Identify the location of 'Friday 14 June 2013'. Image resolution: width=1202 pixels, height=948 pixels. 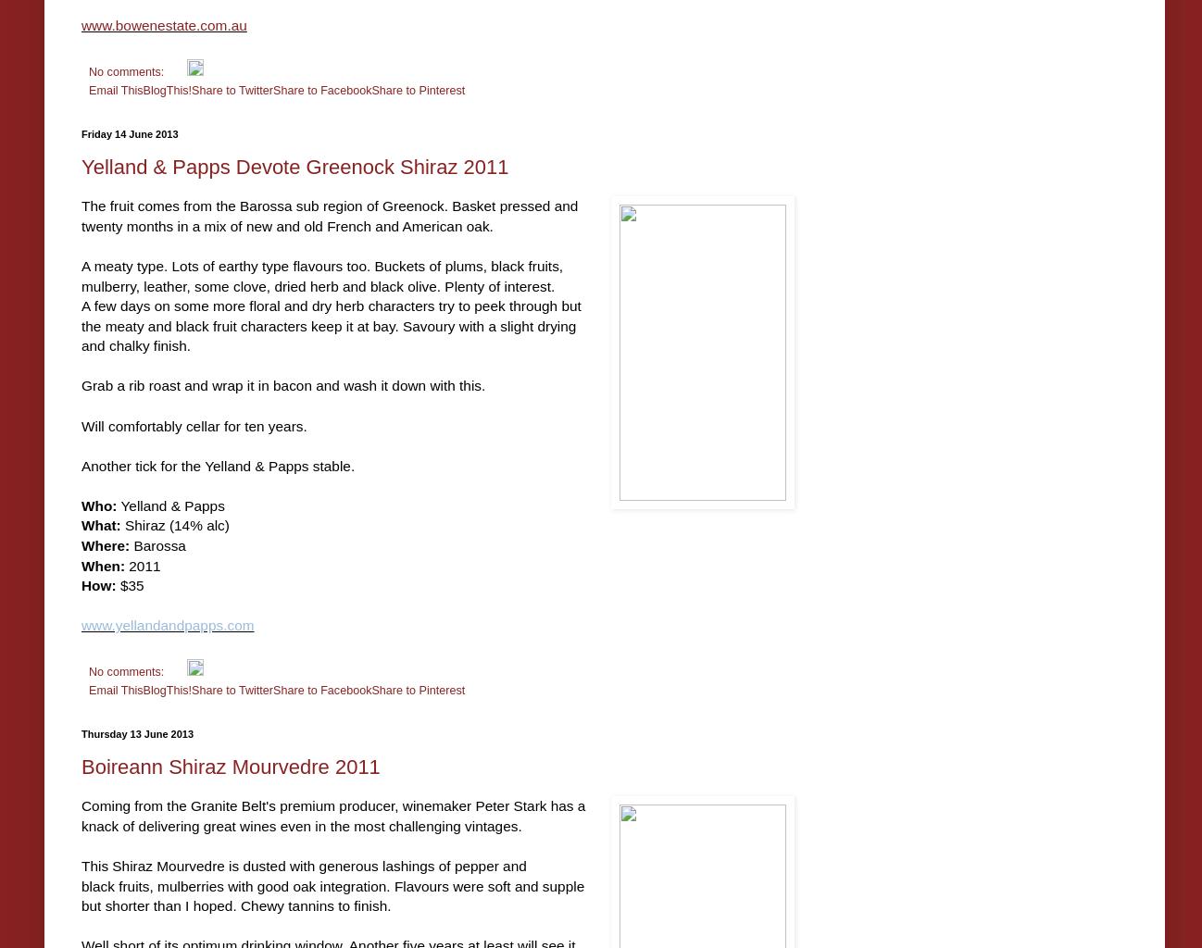
(129, 132).